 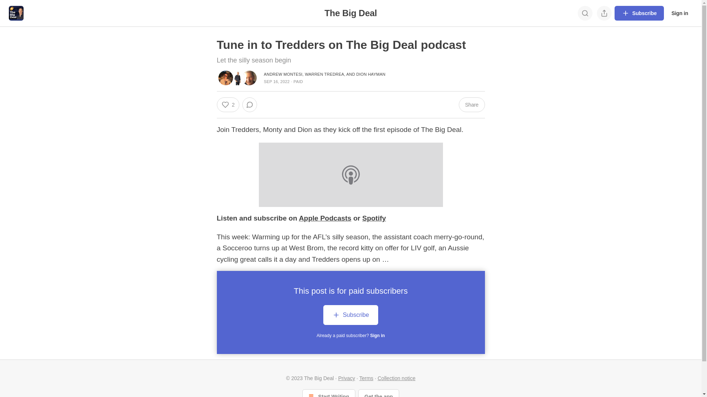 I want to click on 'Apple Podcasts', so click(x=299, y=218).